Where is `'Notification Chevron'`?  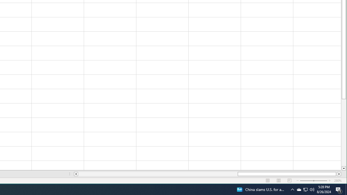
'Notification Chevron' is located at coordinates (292, 189).